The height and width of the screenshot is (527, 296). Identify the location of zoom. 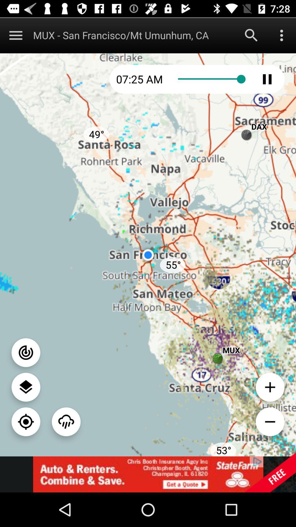
(26, 421).